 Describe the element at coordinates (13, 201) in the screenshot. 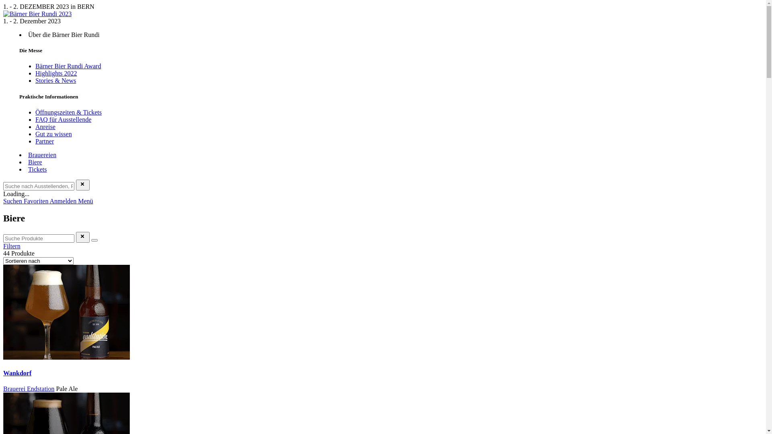

I see `'Suchen'` at that location.